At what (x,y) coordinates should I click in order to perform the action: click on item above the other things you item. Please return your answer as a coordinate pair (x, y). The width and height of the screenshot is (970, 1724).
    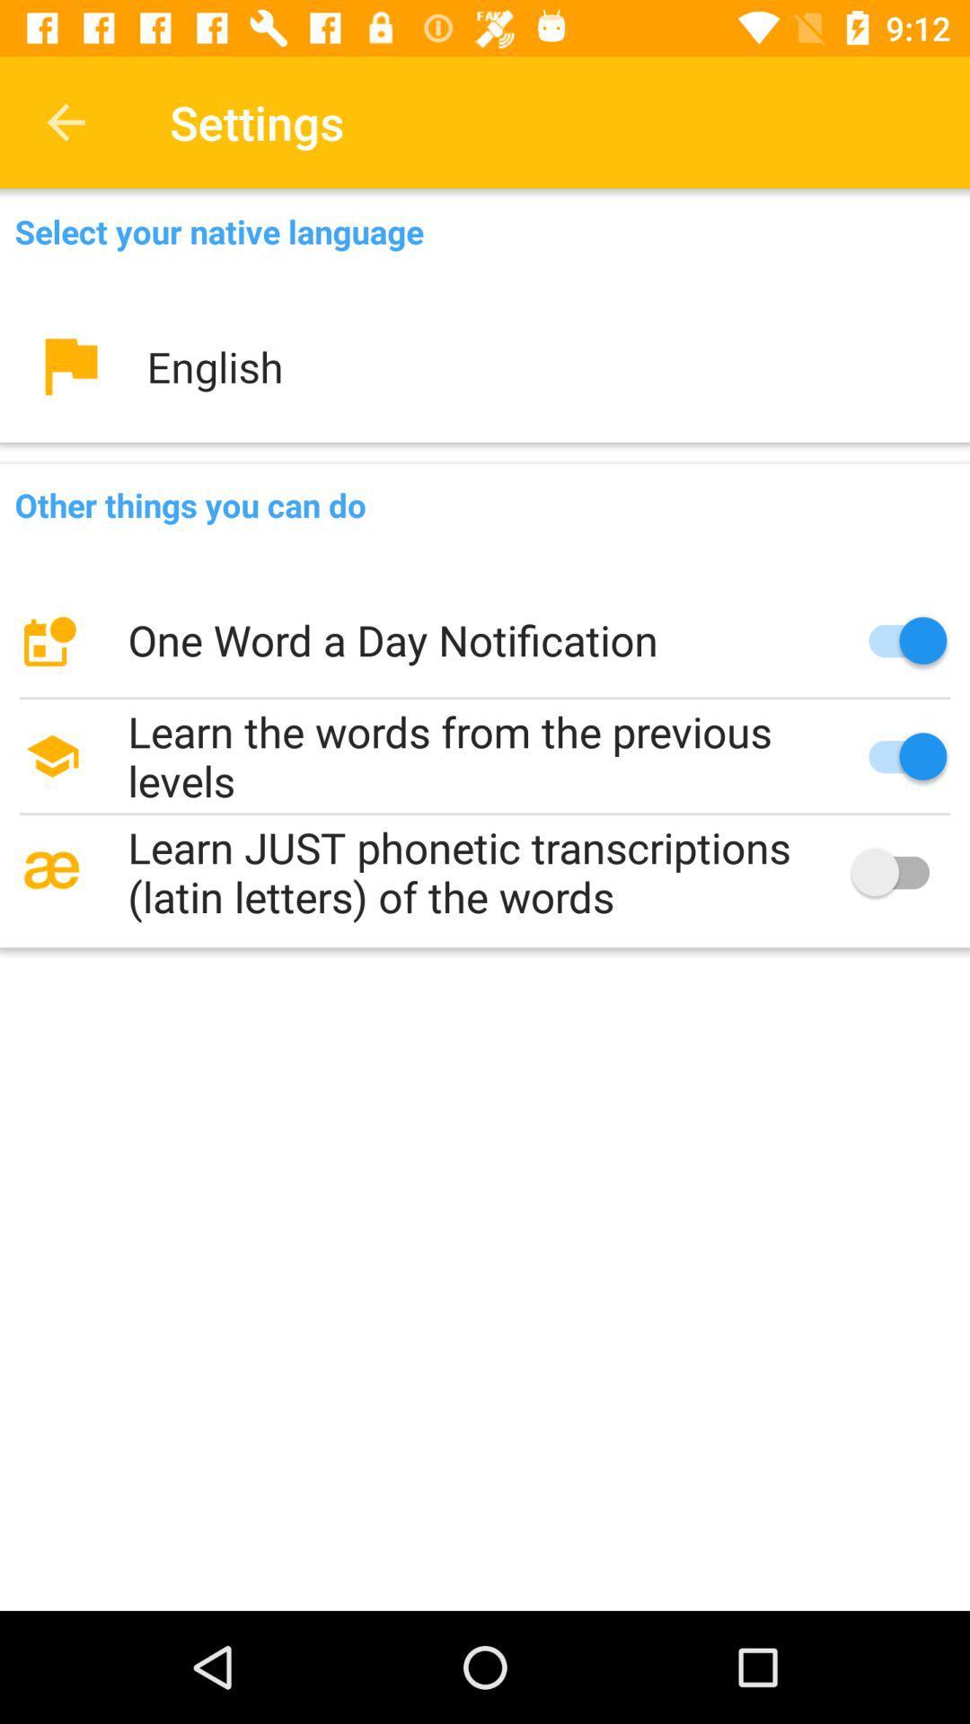
    Looking at the image, I should click on (485, 365).